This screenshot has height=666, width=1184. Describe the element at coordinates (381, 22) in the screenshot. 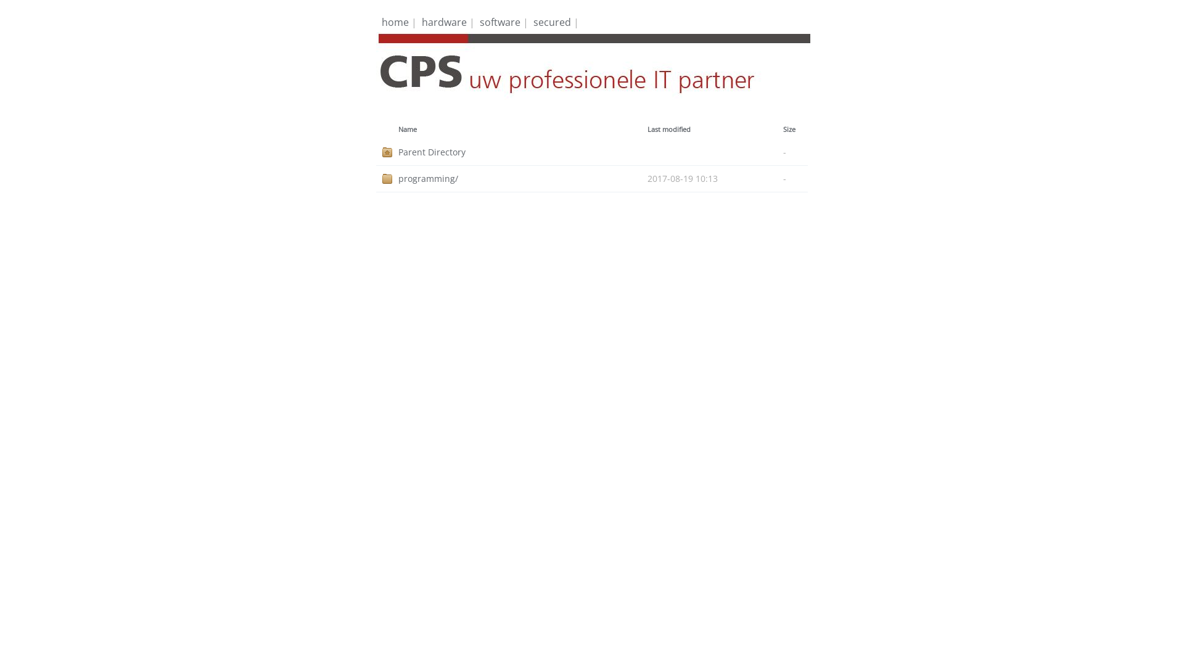

I see `'home'` at that location.